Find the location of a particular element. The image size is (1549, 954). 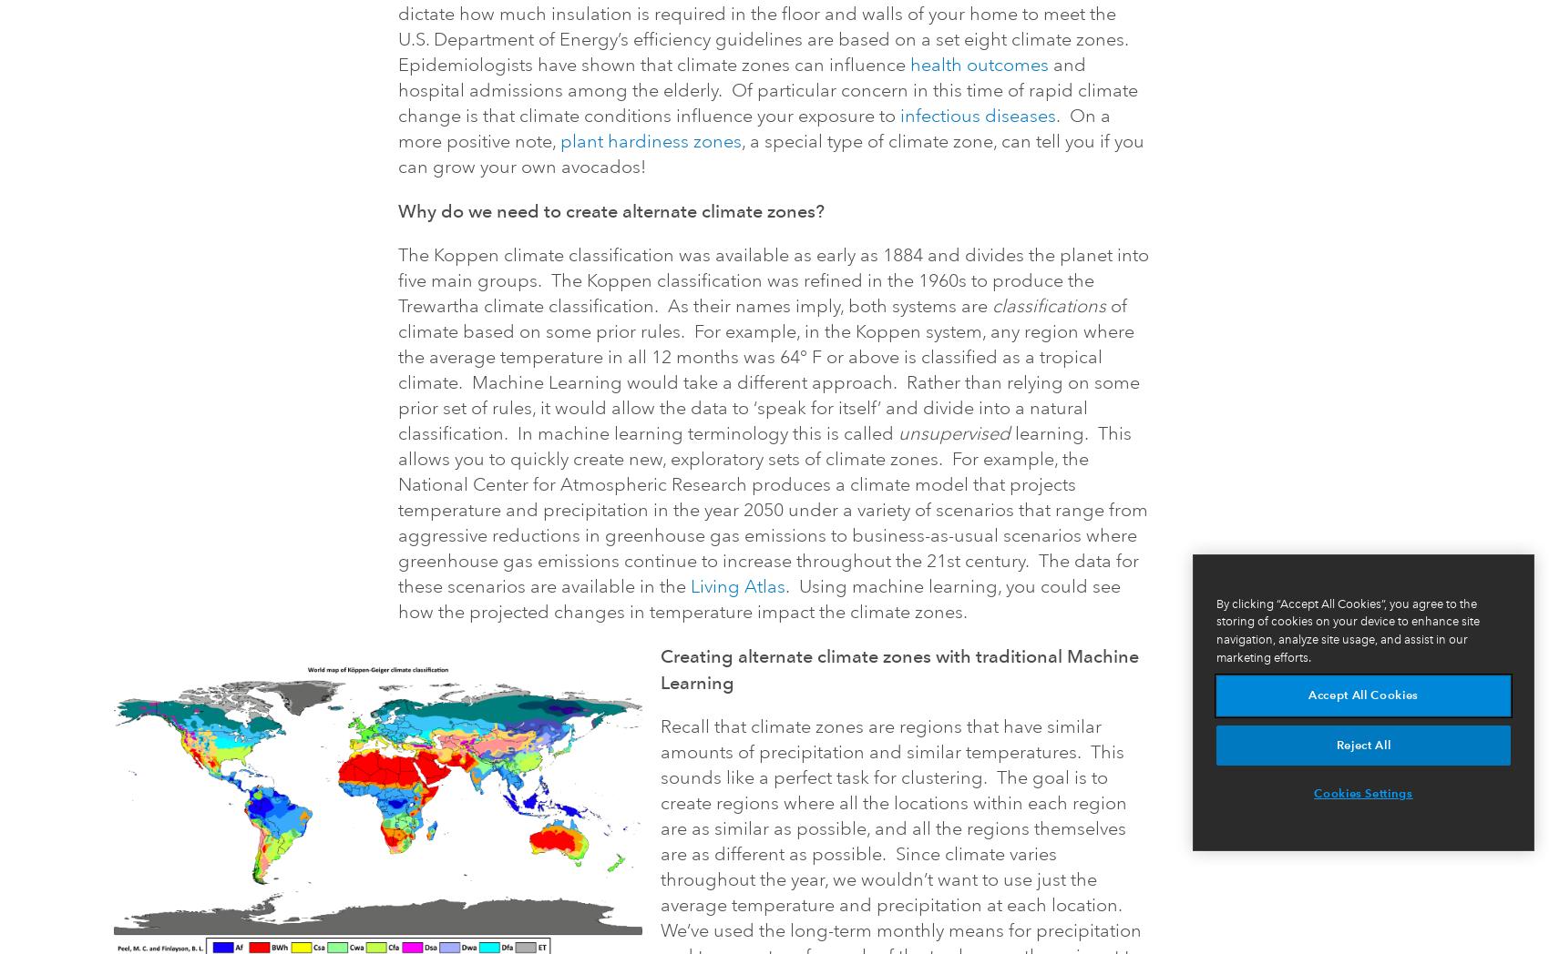

'Living Atlas' is located at coordinates (737, 585).